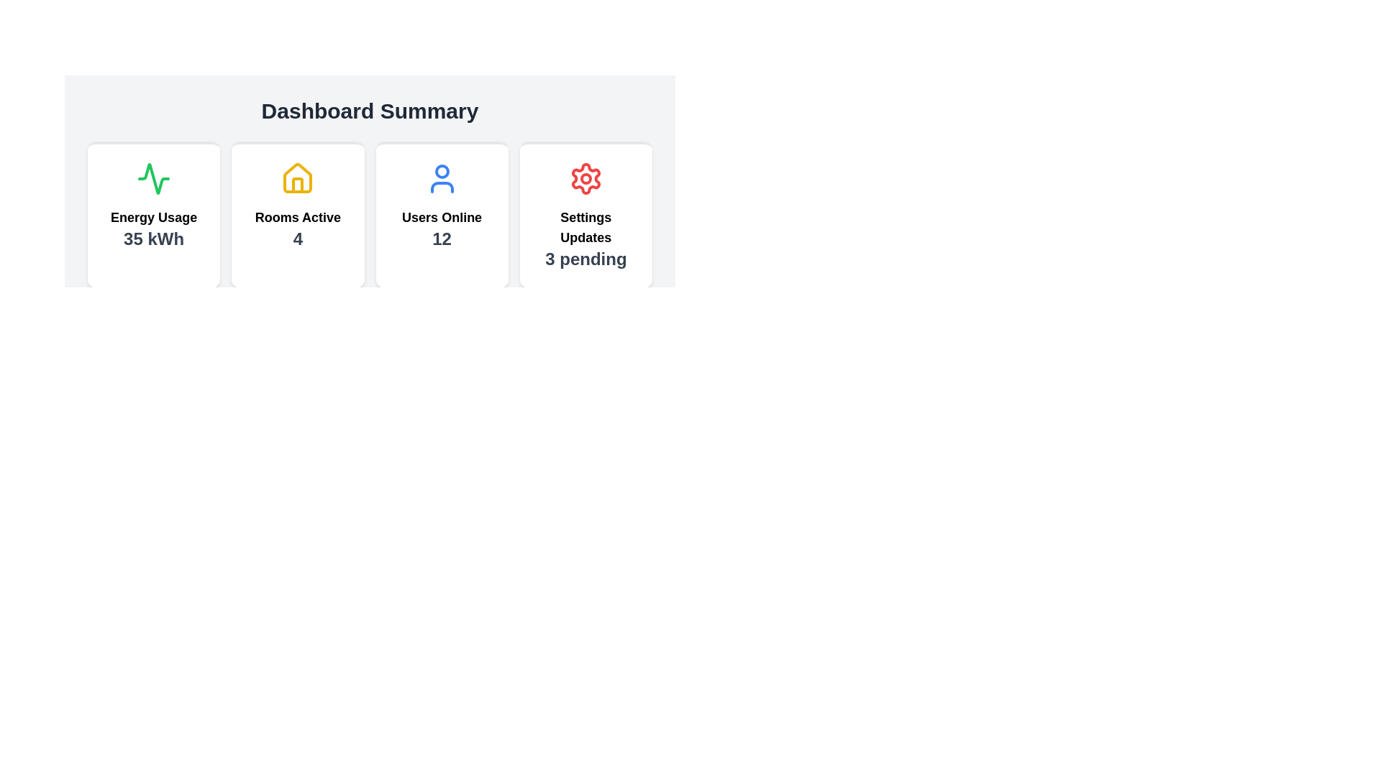 The image size is (1381, 776). I want to click on the Information Card which has a rounded rectangular shape with a white background, featuring a user icon in blue, the bold text 'Users Online', and the number '12' prominently displayed below it, so click(441, 215).